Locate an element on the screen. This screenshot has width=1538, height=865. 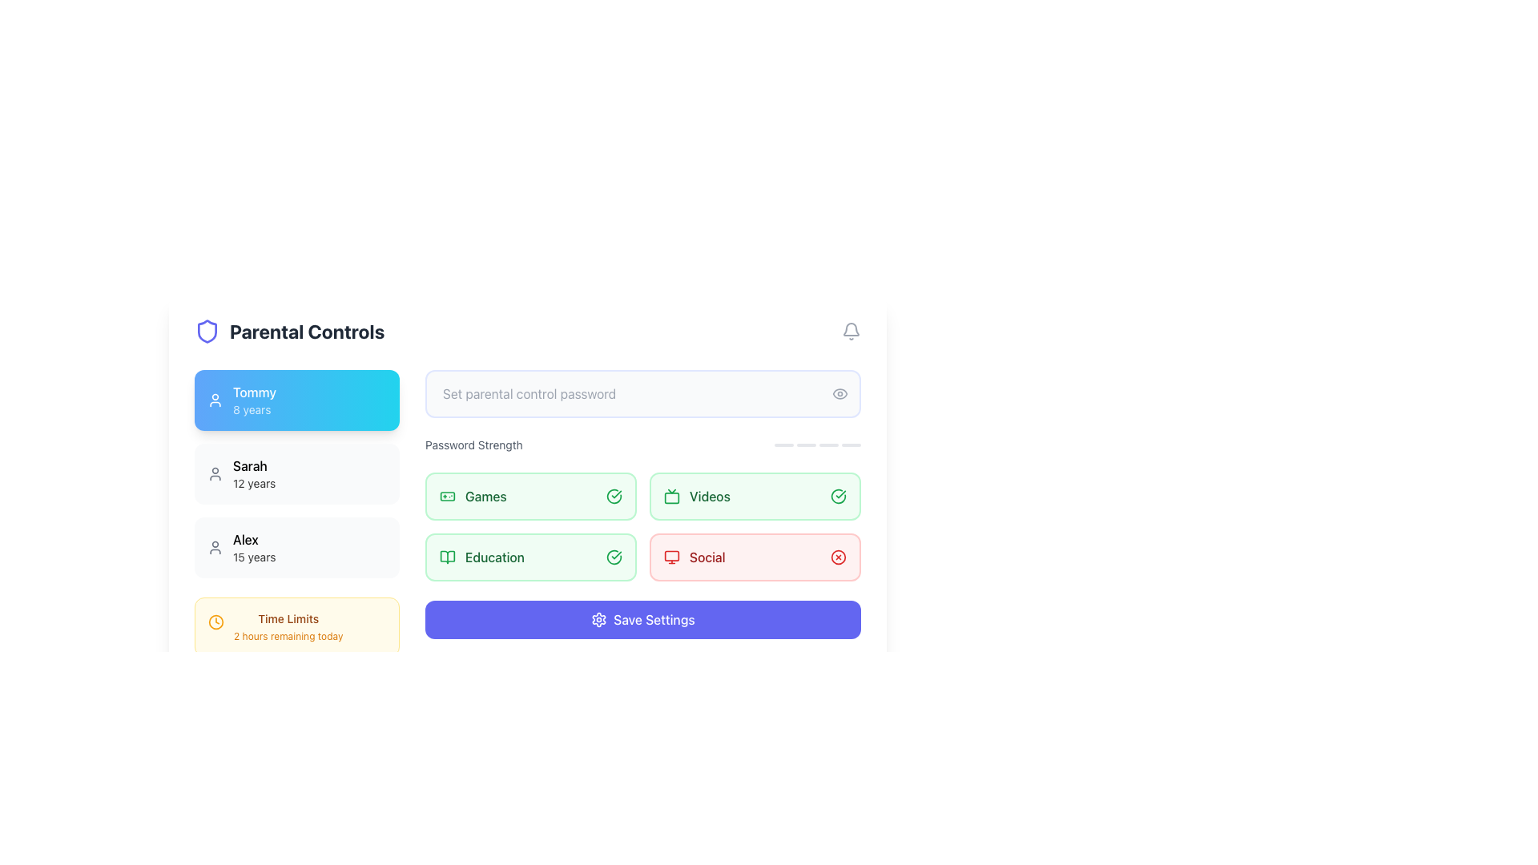
the Password strength indicator located in the bottom-right corner of the 'Password Strength' region is located at coordinates (818, 445).